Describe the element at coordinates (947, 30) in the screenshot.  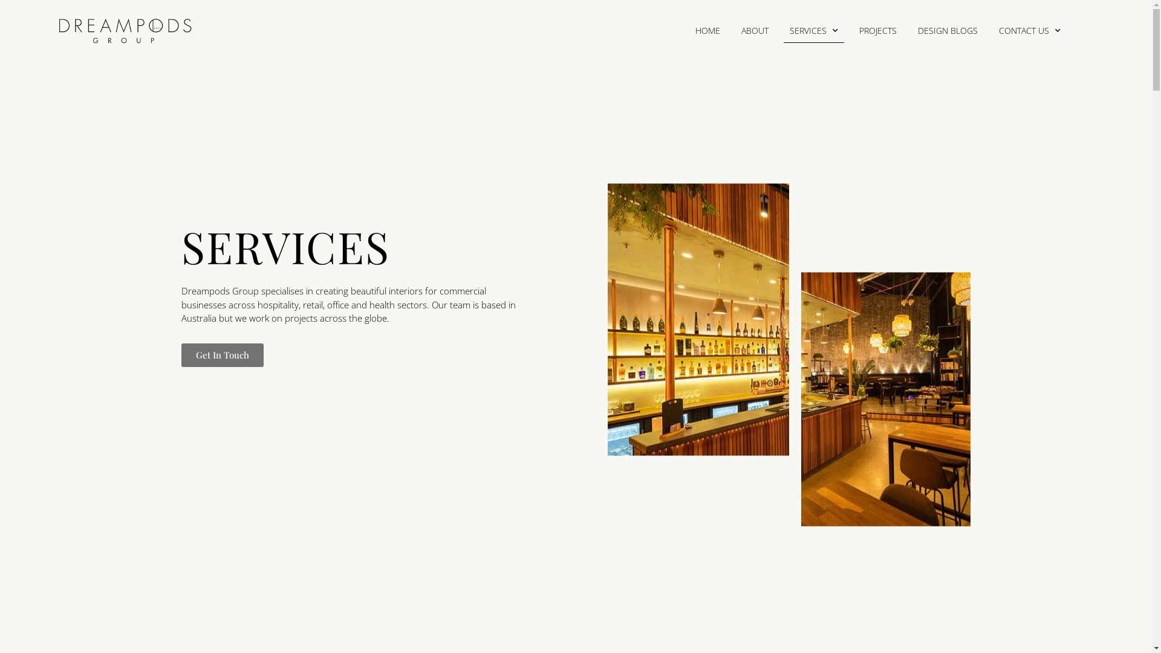
I see `'DESIGN BLOGS'` at that location.